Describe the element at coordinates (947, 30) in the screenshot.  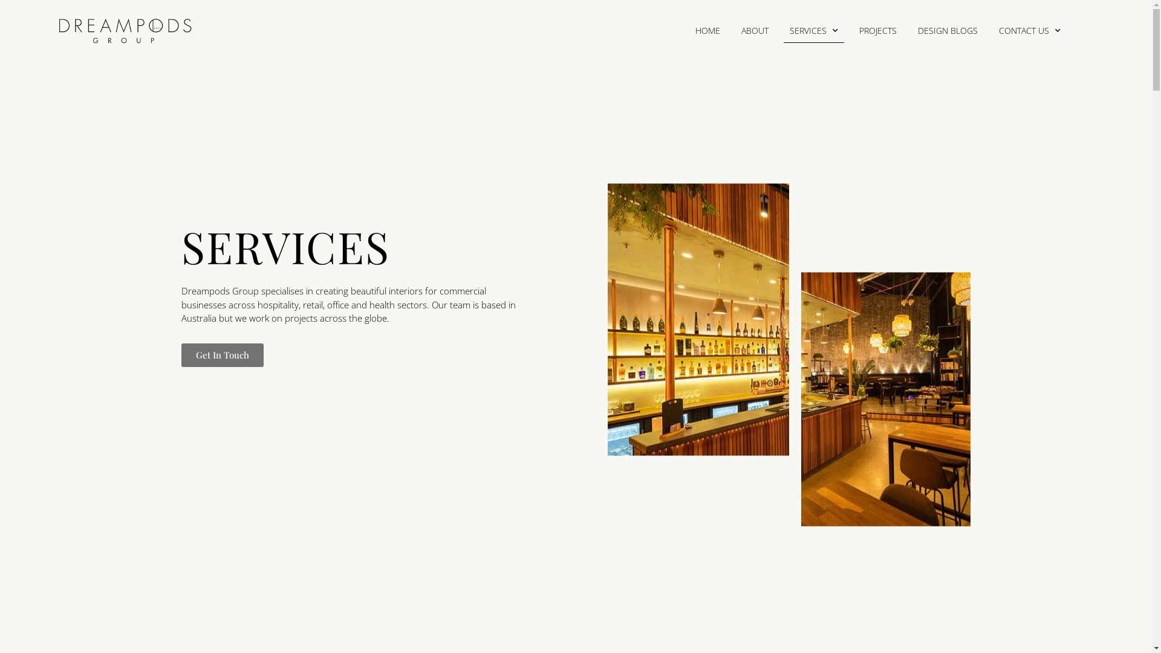
I see `'DESIGN BLOGS'` at that location.